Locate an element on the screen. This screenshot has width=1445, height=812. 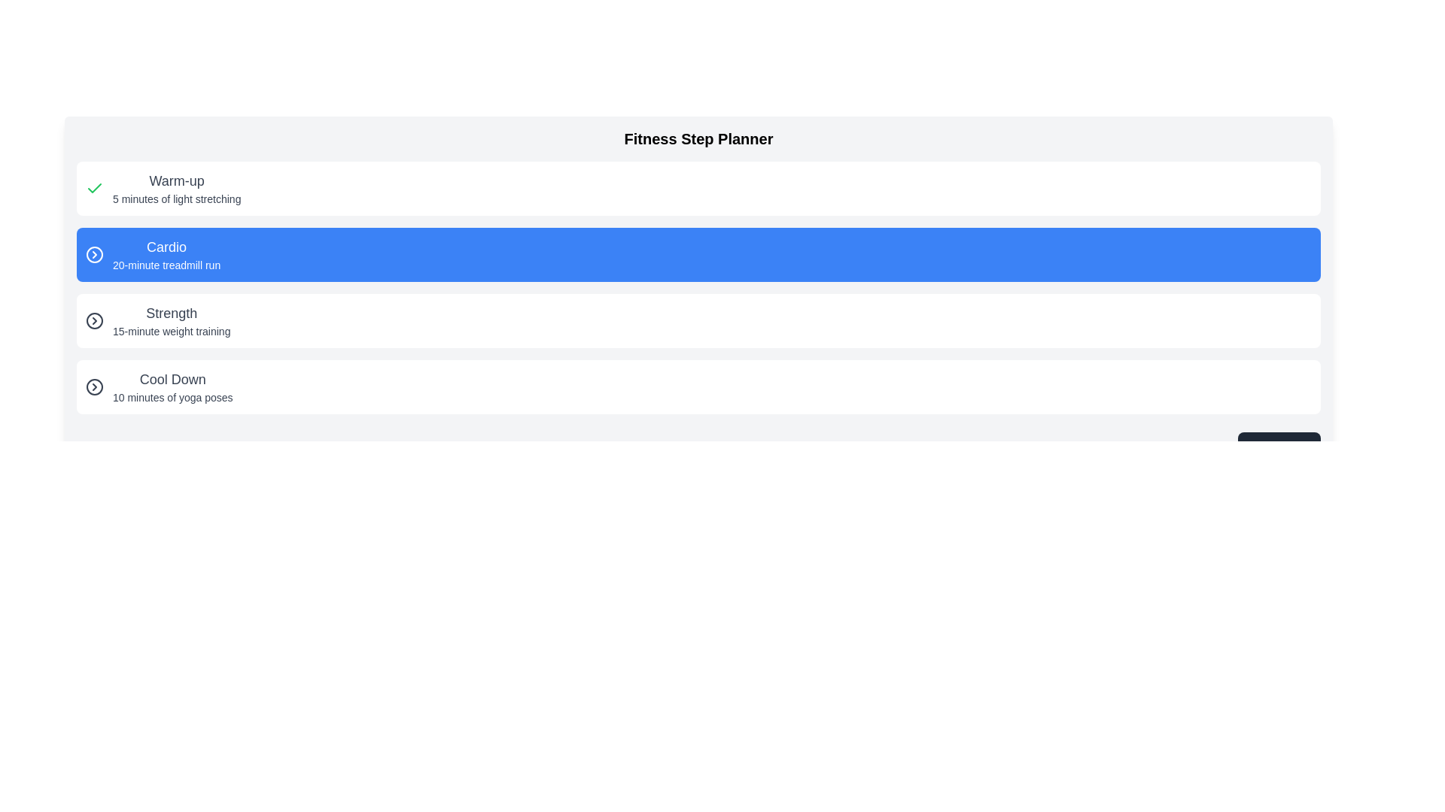
the 'Warm-up' text label, which is a prominent heading styled with a larger font size and bold weight, positioned at the top left of the step details section is located at coordinates (177, 180).